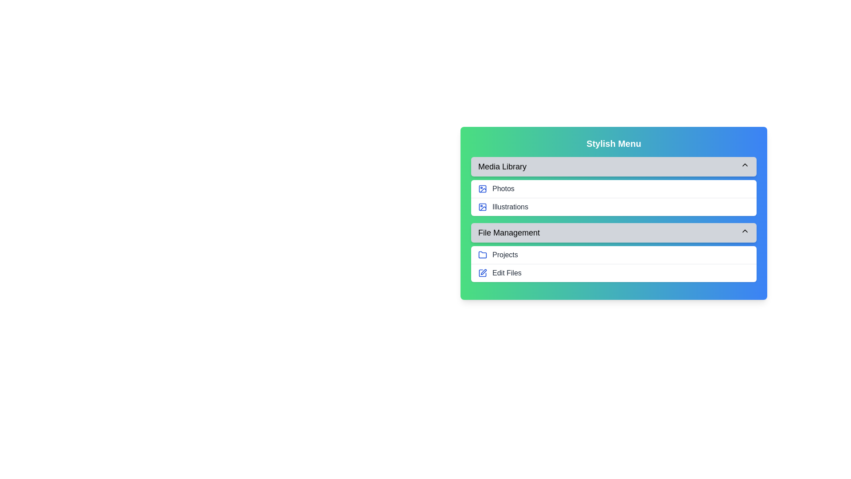 The image size is (851, 479). Describe the element at coordinates (482, 188) in the screenshot. I see `the photograph icon with a blue color and rounded edges located at the start of the 'Photos' row` at that location.